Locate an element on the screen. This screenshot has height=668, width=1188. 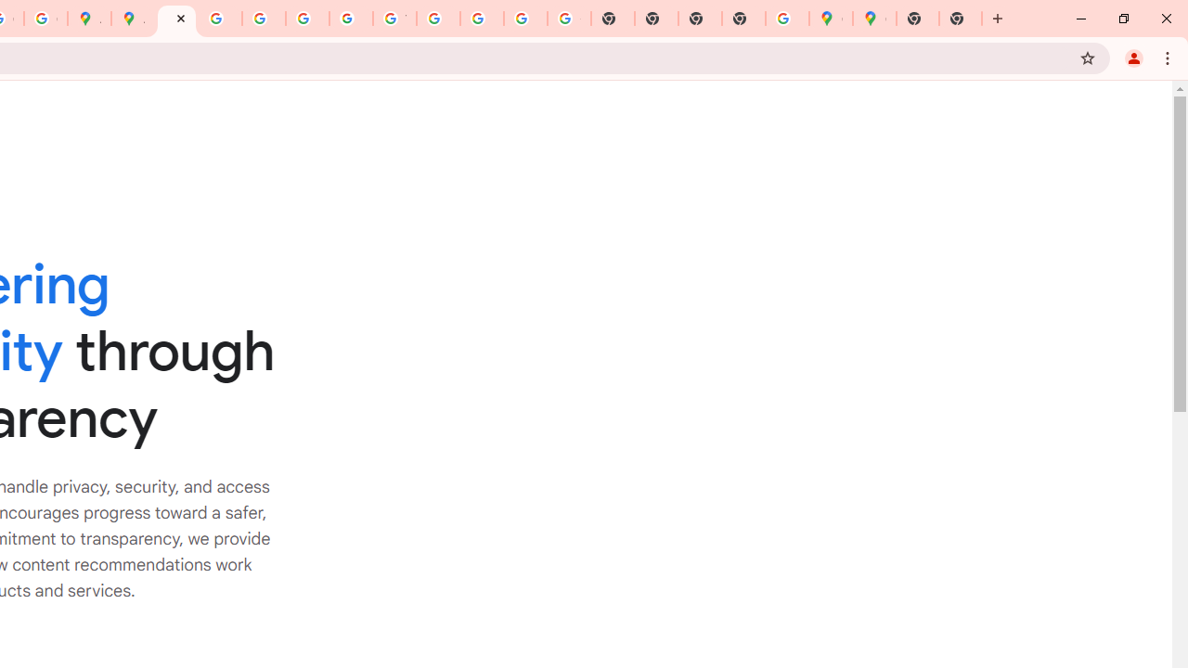
'YouTube' is located at coordinates (394, 19).